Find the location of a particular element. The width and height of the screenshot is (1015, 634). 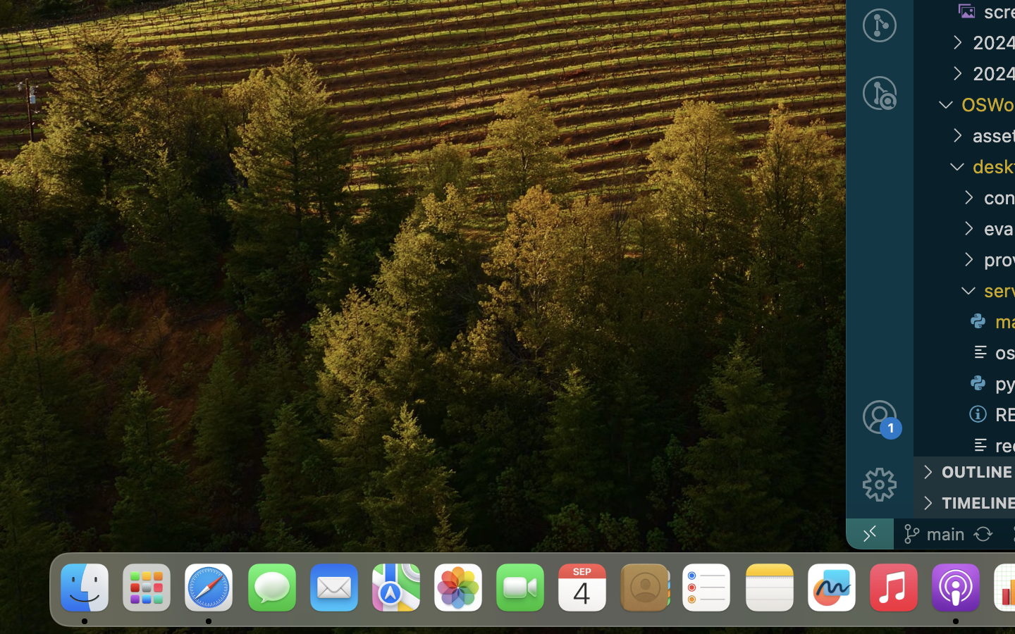

'0 ' is located at coordinates (879, 93).